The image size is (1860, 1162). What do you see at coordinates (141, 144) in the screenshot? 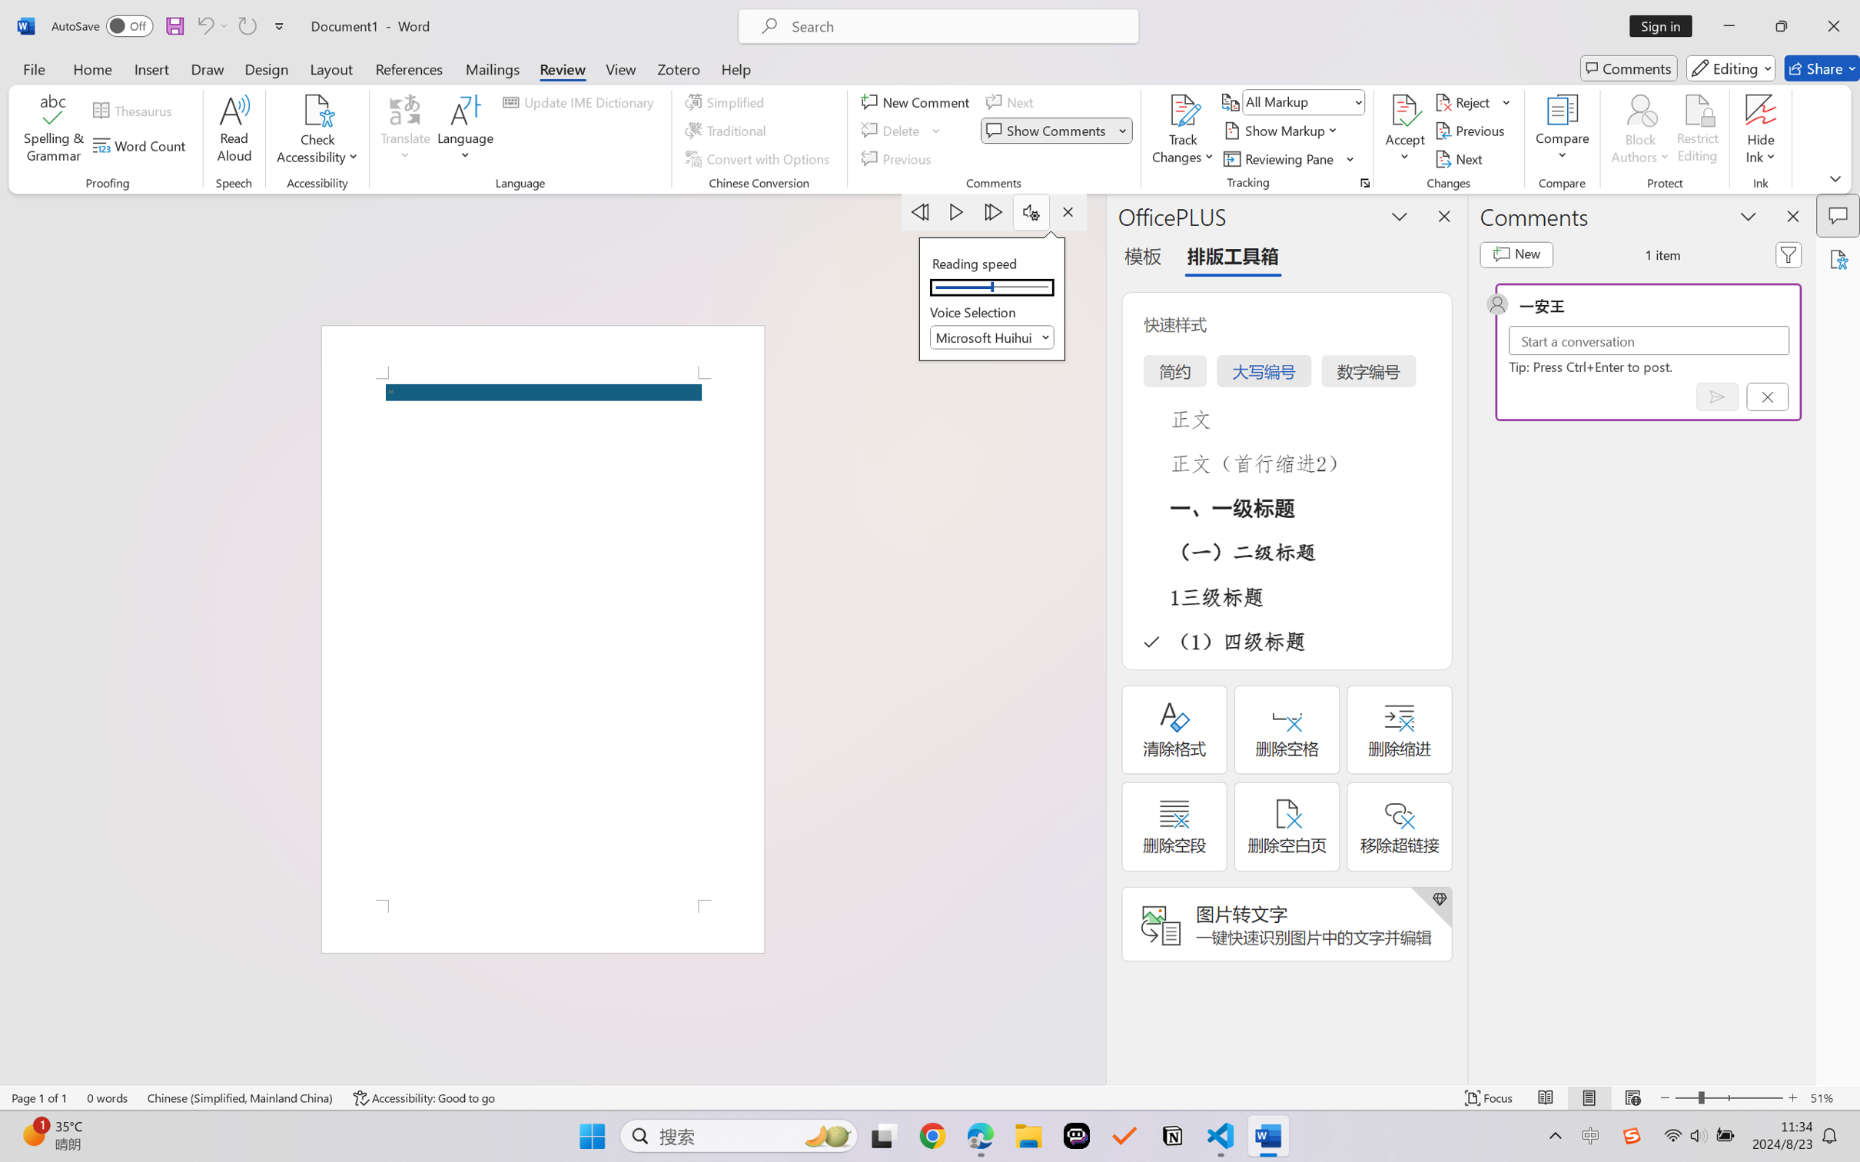
I see `'Word Count'` at bounding box center [141, 144].